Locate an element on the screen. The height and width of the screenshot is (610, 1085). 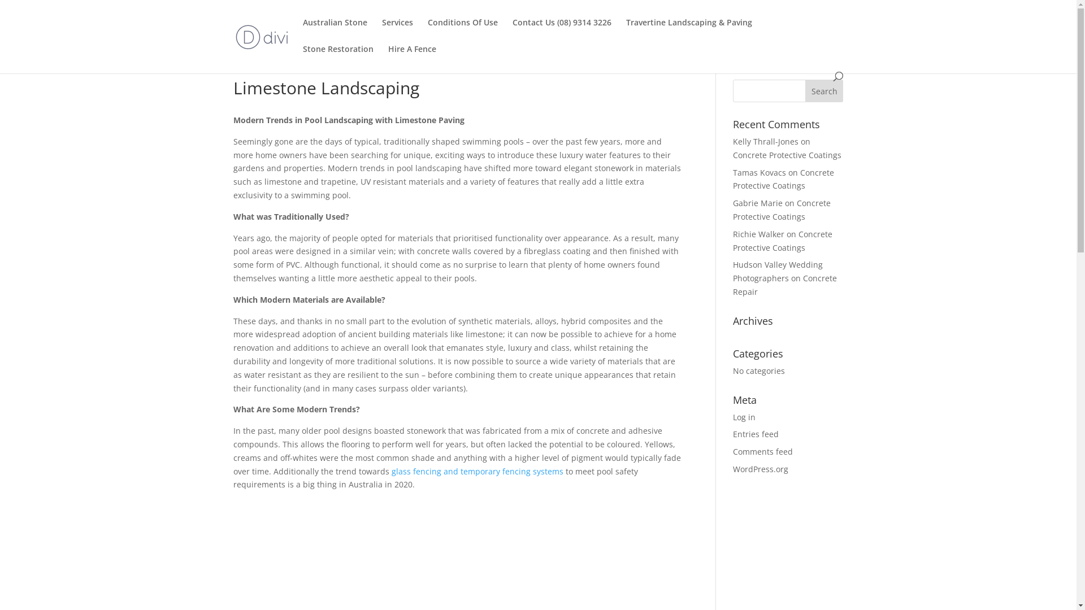
'glass fencing and temporary fencing systems' is located at coordinates (477, 471).